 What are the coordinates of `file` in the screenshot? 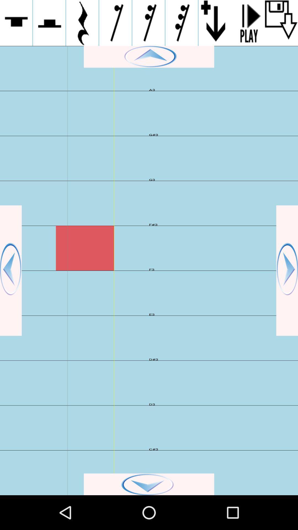 It's located at (281, 23).